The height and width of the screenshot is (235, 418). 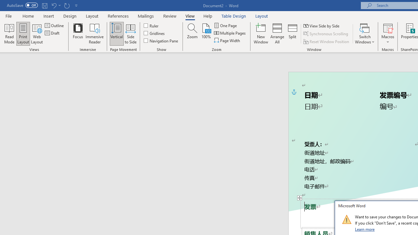 I want to click on 'Outline', so click(x=55, y=25).